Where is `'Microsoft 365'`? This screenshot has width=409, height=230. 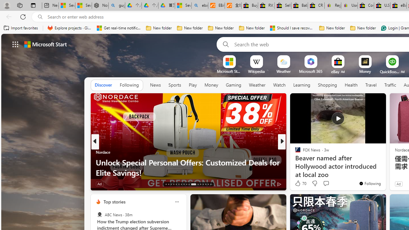
'Microsoft 365' is located at coordinates (311, 71).